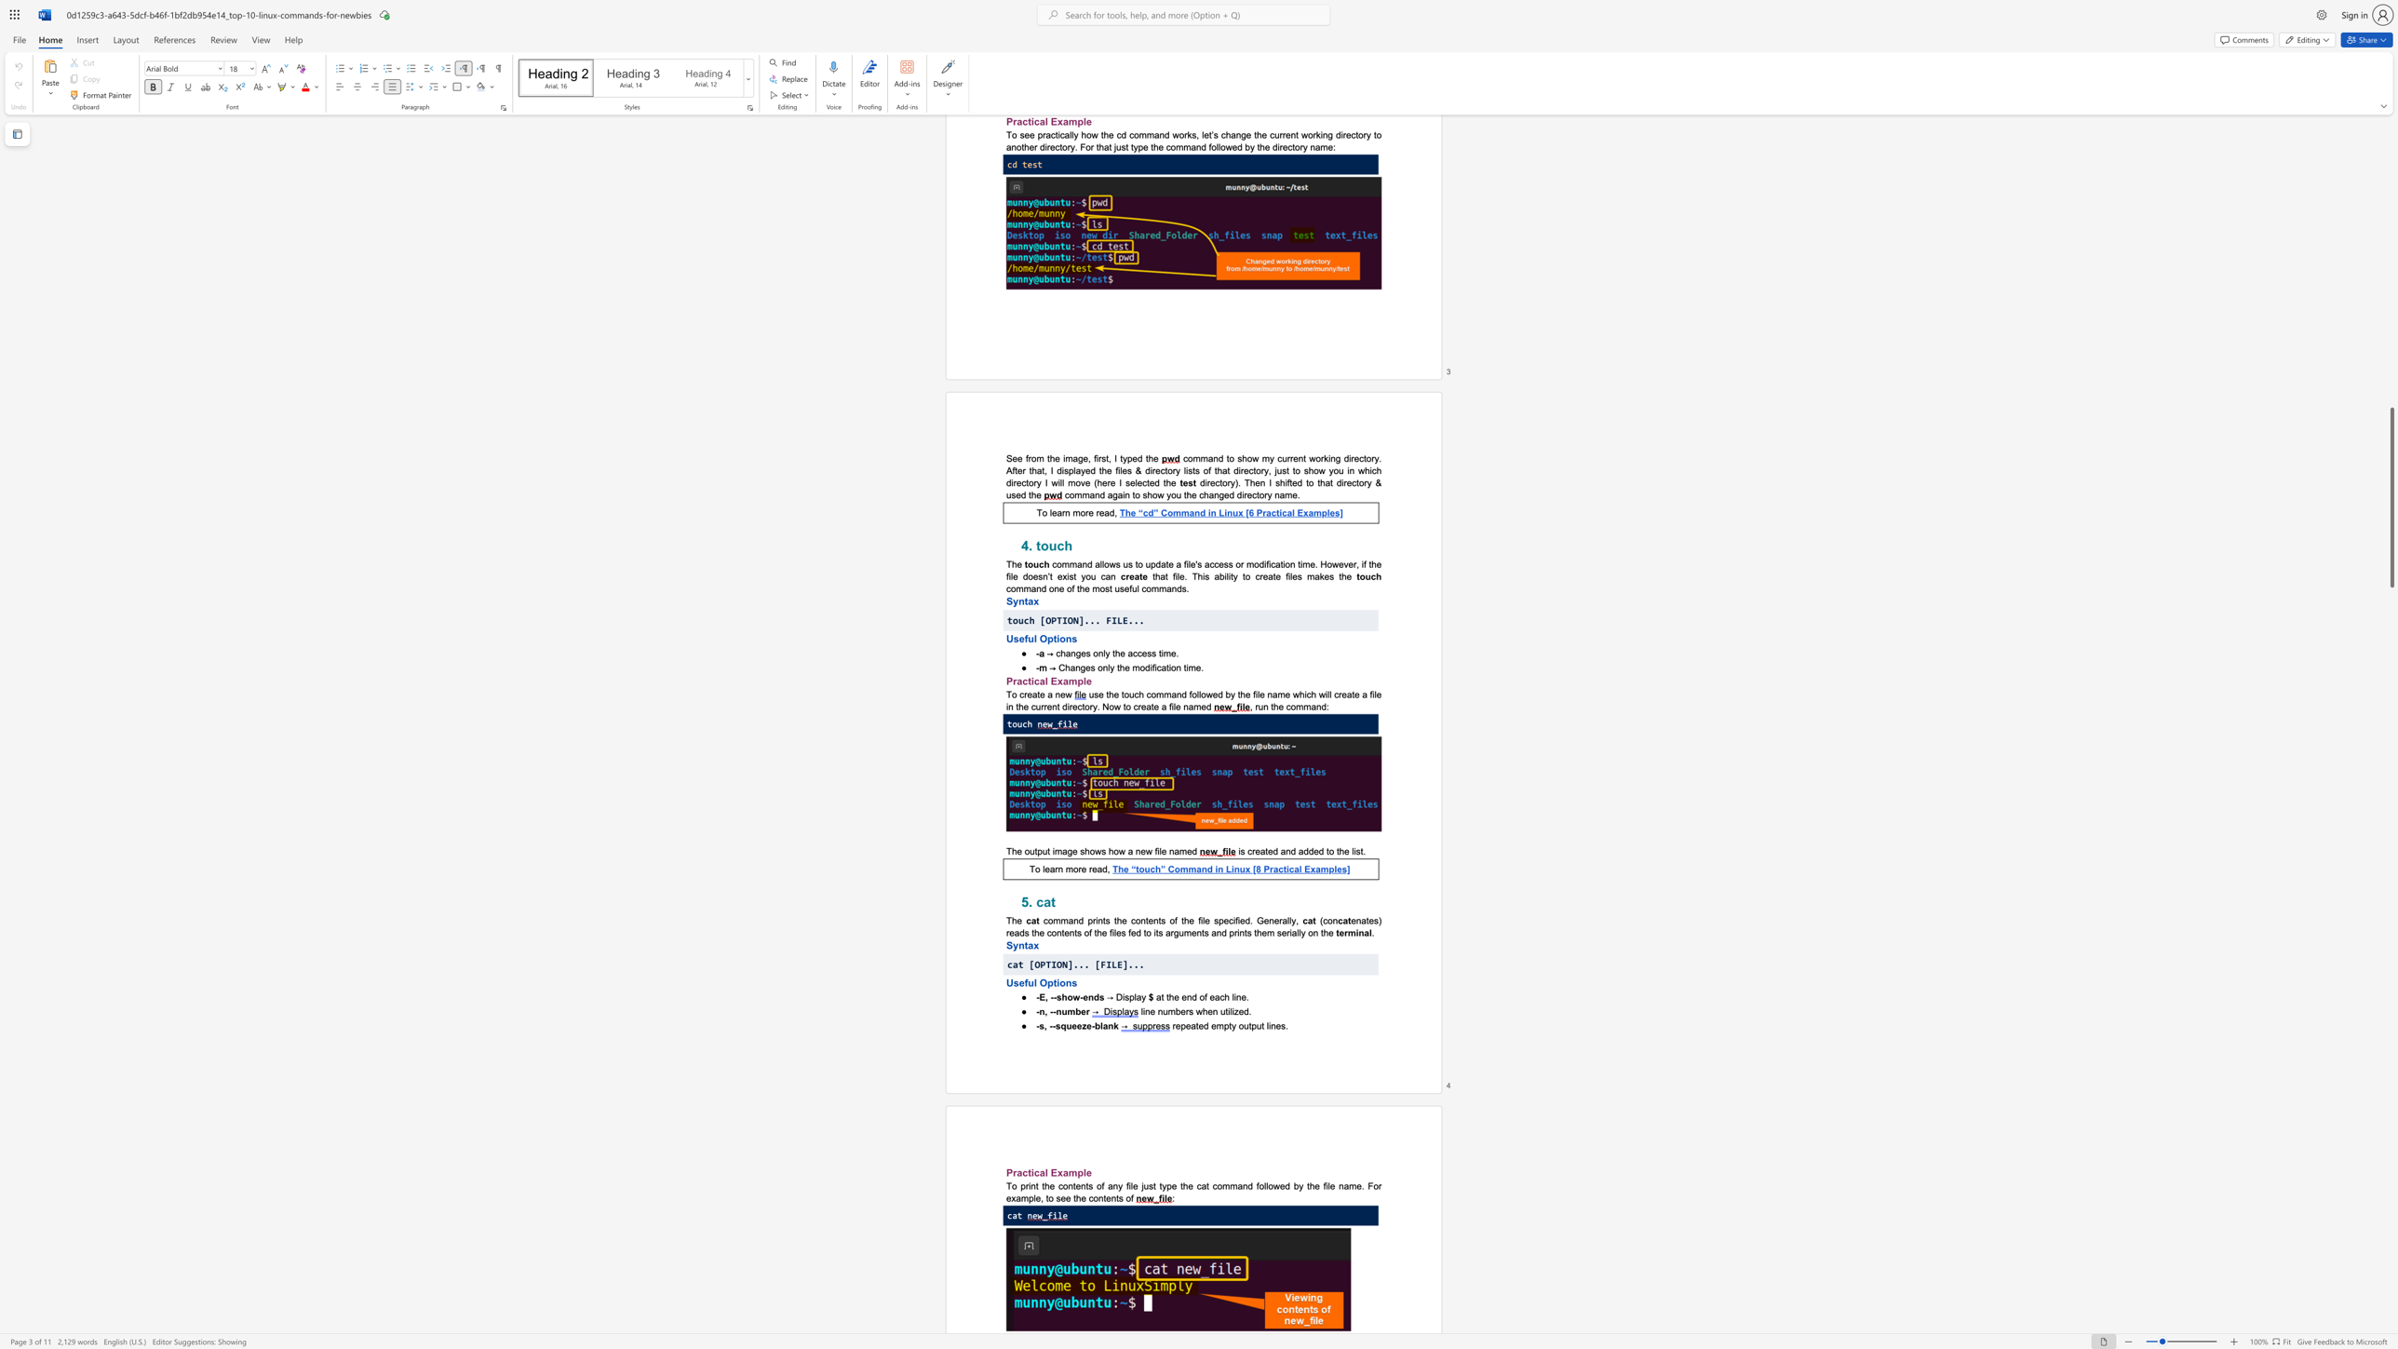 The height and width of the screenshot is (1349, 2398). I want to click on the 1th character "a" in the text, so click(1051, 869).